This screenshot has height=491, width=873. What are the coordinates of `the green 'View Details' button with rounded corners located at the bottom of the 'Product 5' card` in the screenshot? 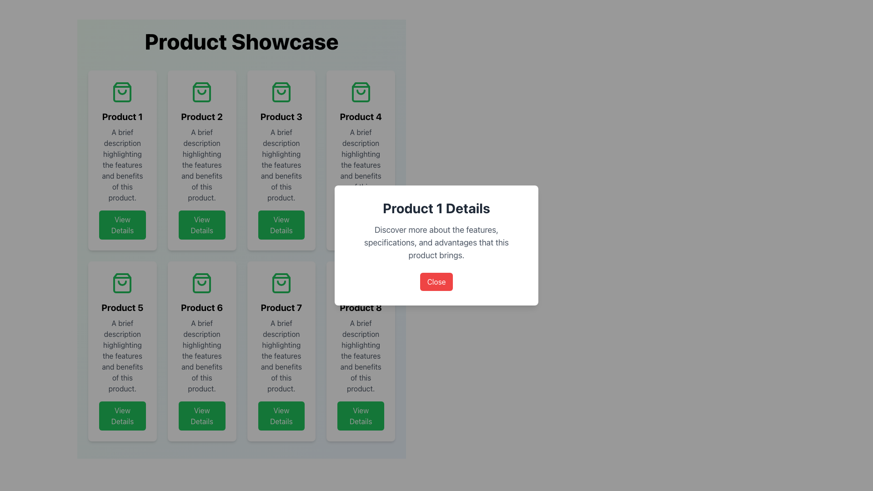 It's located at (122, 416).